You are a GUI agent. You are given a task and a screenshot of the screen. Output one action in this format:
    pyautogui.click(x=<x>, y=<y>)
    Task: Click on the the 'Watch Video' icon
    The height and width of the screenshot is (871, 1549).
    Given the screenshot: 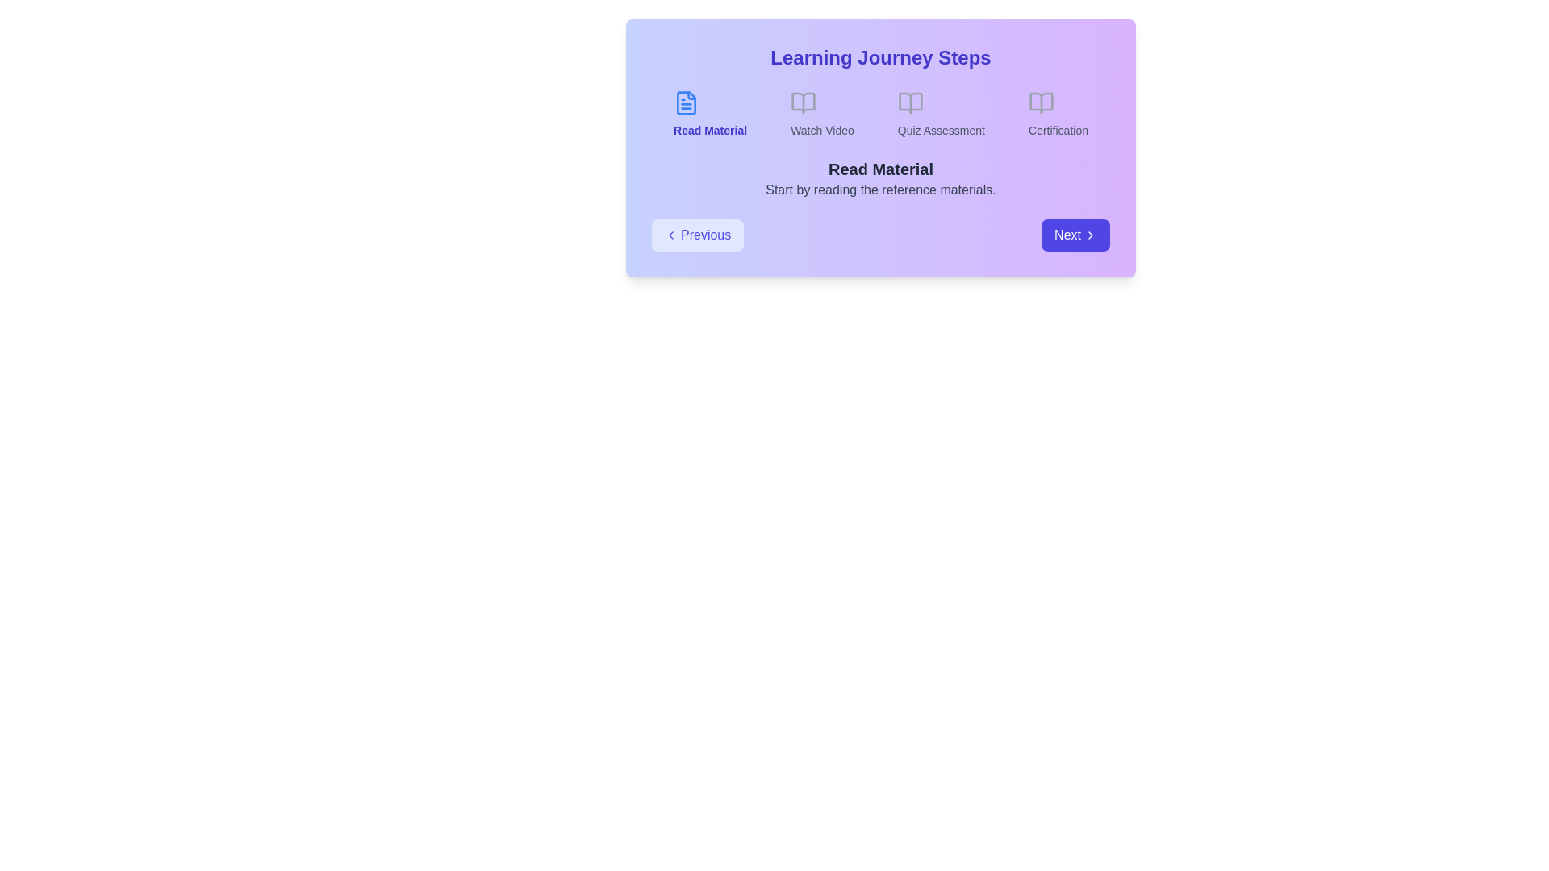 What is the action you would take?
    pyautogui.click(x=804, y=102)
    